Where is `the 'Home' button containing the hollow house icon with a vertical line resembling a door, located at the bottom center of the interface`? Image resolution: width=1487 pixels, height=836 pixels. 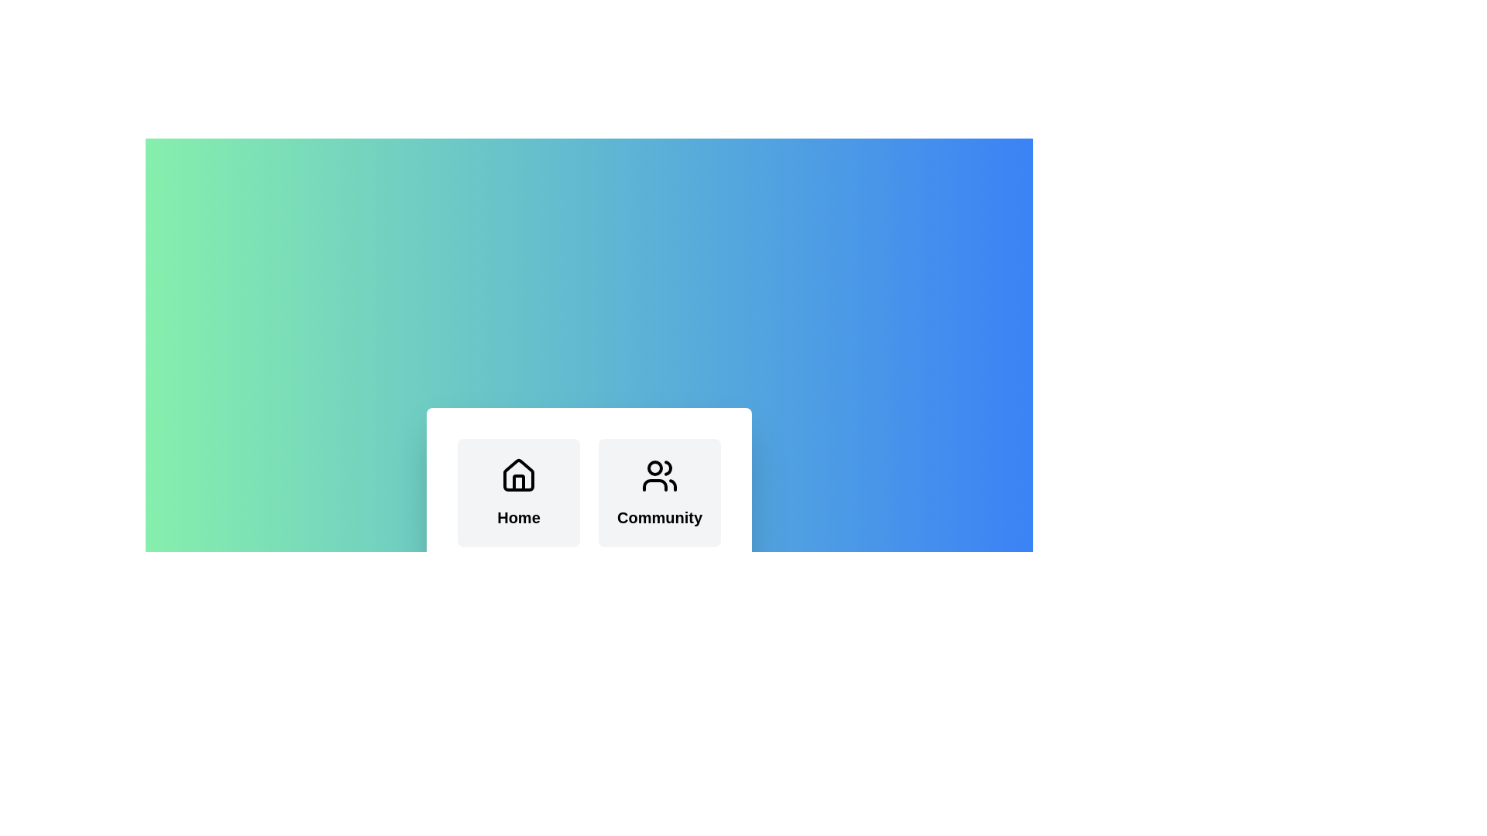 the 'Home' button containing the hollow house icon with a vertical line resembling a door, located at the bottom center of the interface is located at coordinates (519, 482).